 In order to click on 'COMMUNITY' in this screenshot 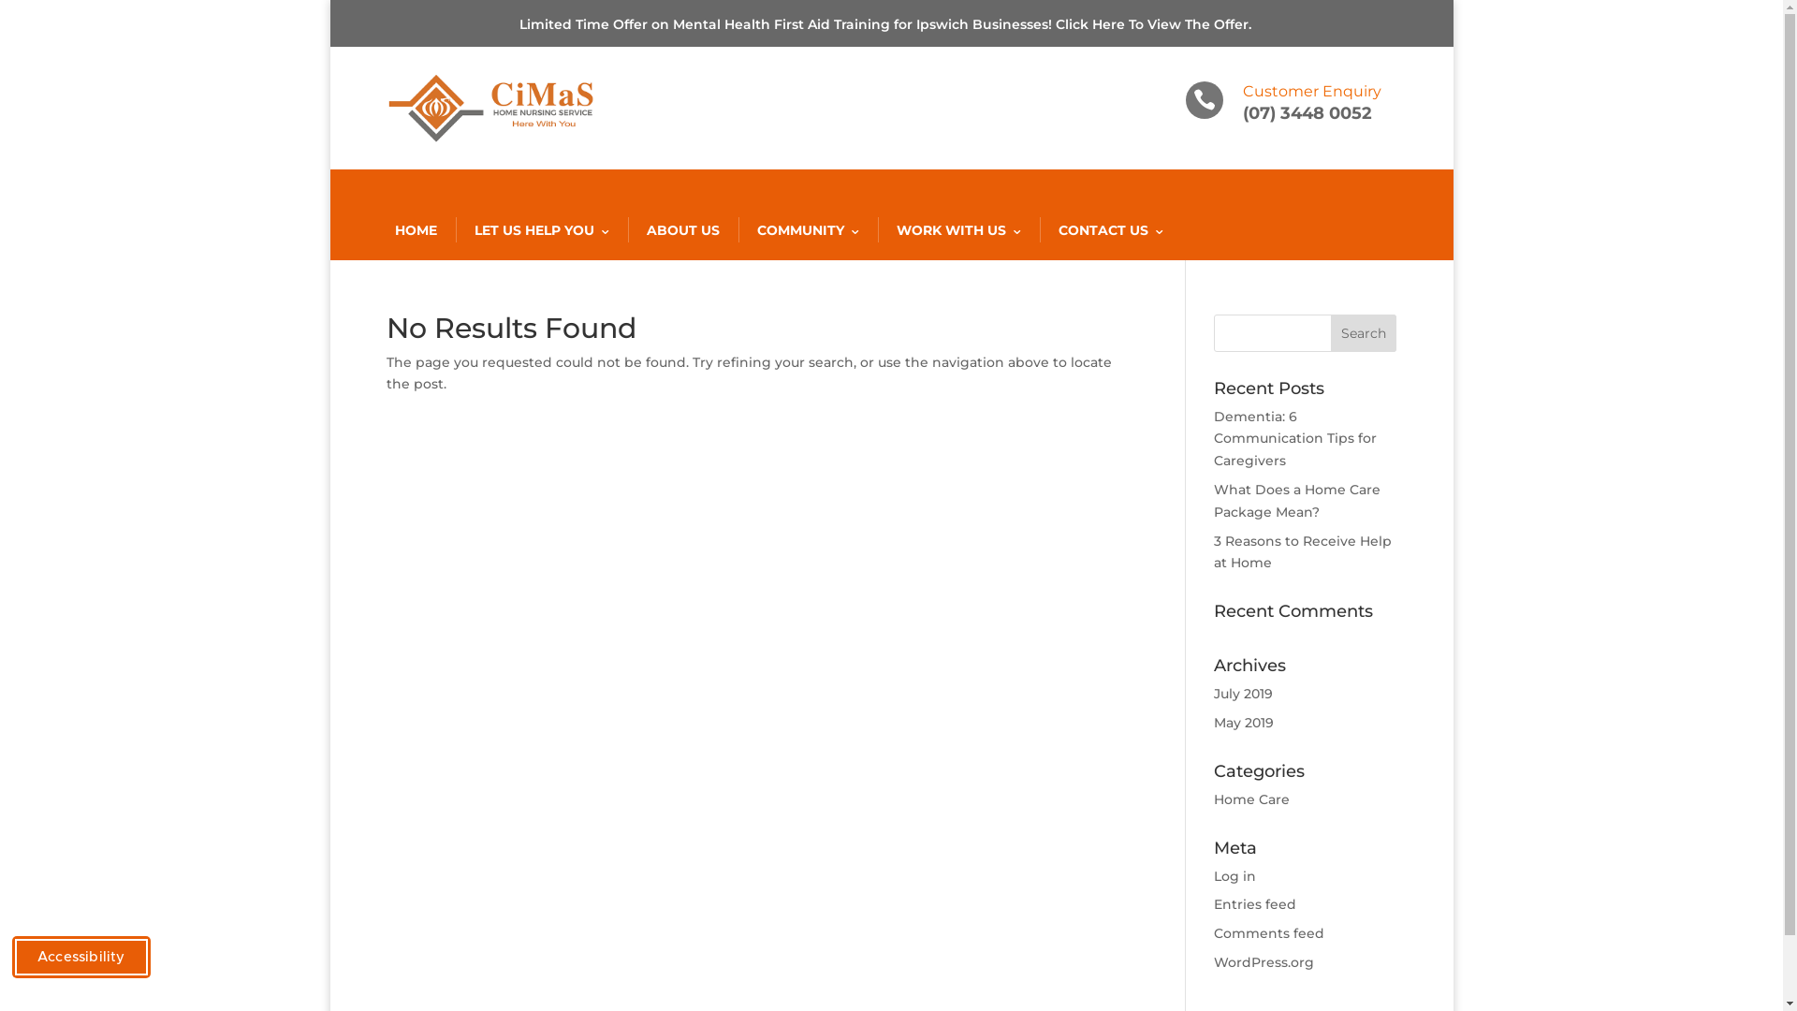, I will do `click(807, 229)`.